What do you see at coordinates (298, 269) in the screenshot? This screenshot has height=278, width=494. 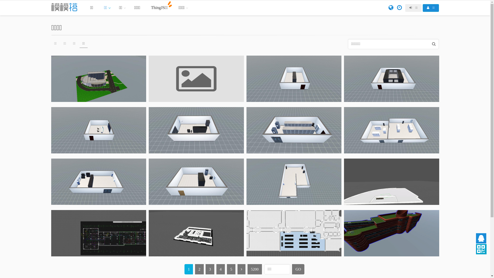 I see `'GO'` at bounding box center [298, 269].